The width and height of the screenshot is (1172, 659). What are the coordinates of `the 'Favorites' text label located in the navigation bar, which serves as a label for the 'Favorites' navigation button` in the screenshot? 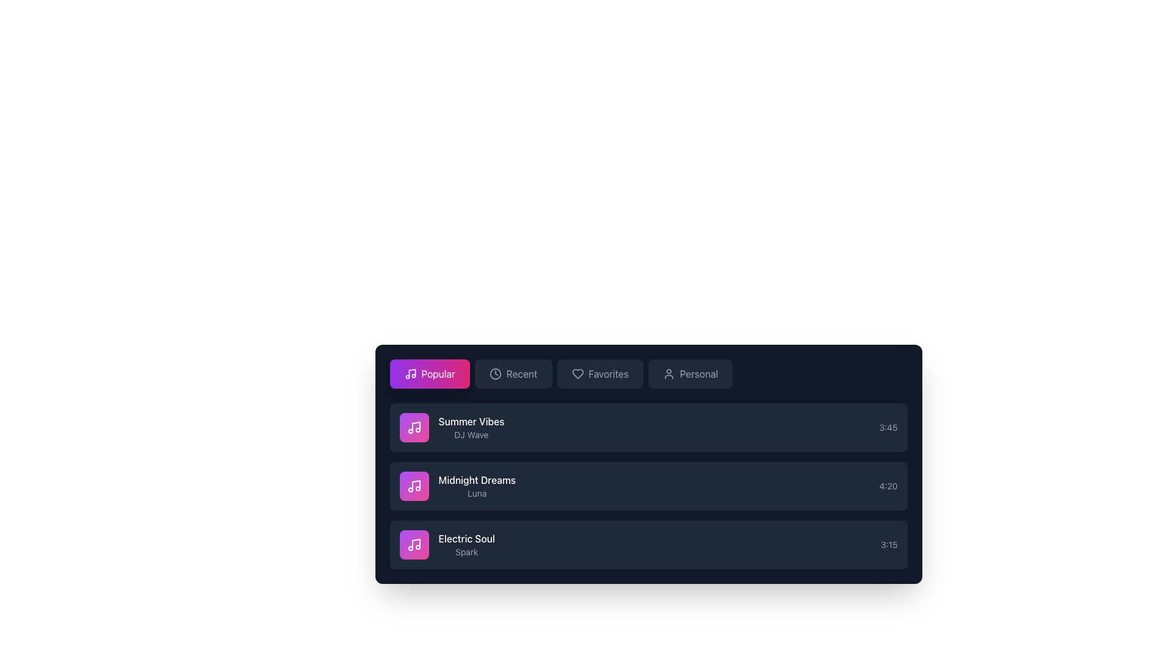 It's located at (609, 373).